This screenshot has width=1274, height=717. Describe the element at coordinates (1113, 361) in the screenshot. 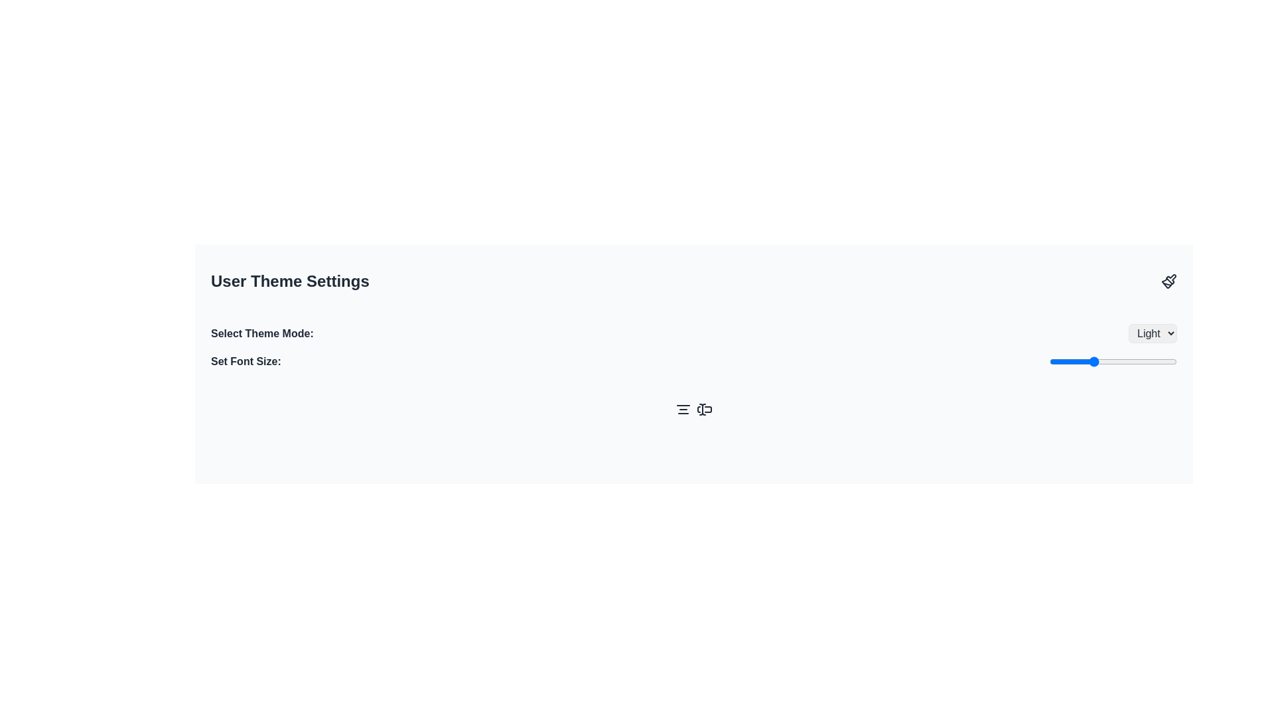

I see `the font size` at that location.